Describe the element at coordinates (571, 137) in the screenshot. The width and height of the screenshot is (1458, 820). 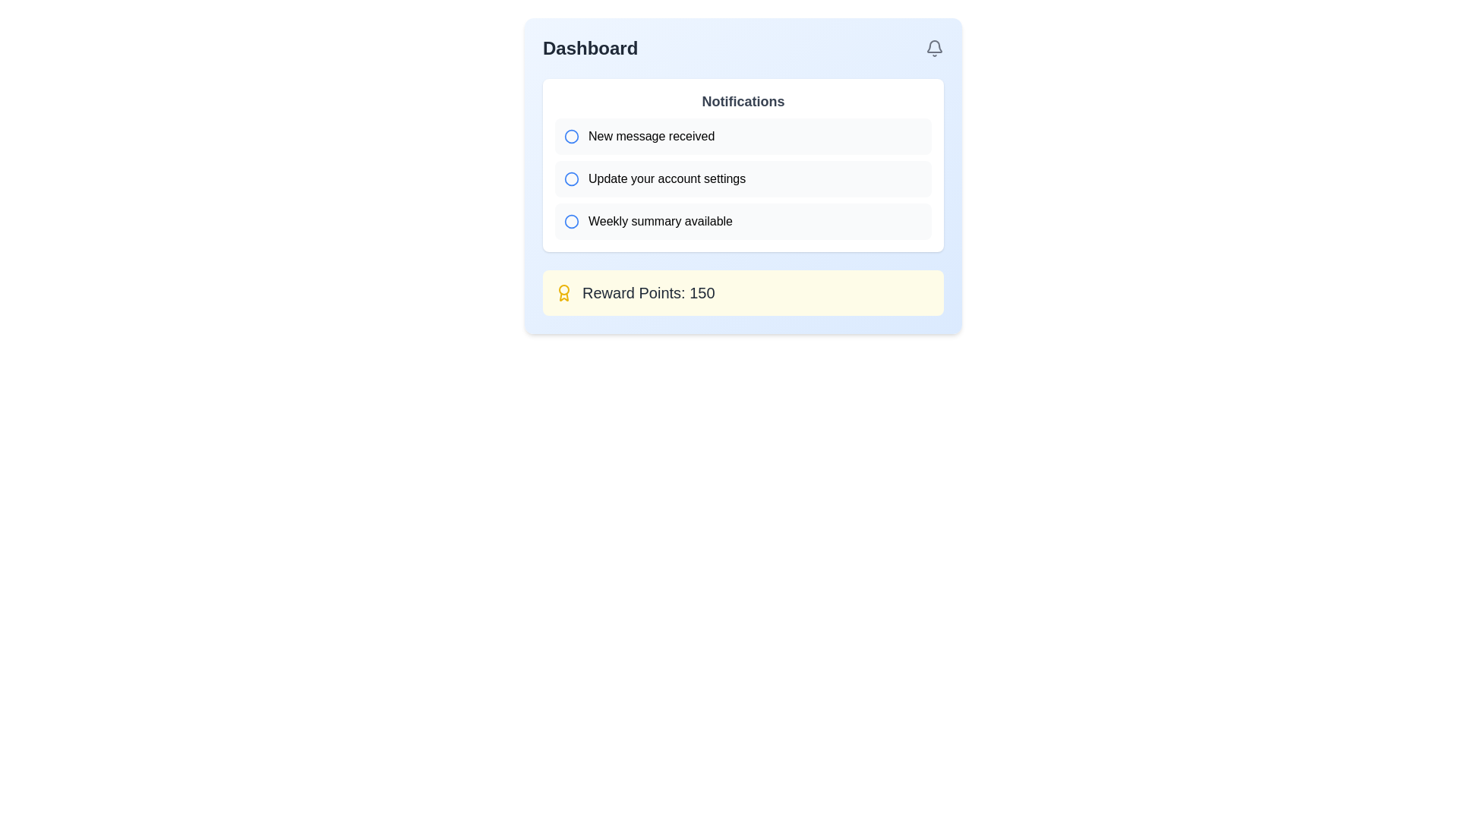
I see `the blue circular icon located to the left of the text 'New message received' in the first notification entry` at that location.